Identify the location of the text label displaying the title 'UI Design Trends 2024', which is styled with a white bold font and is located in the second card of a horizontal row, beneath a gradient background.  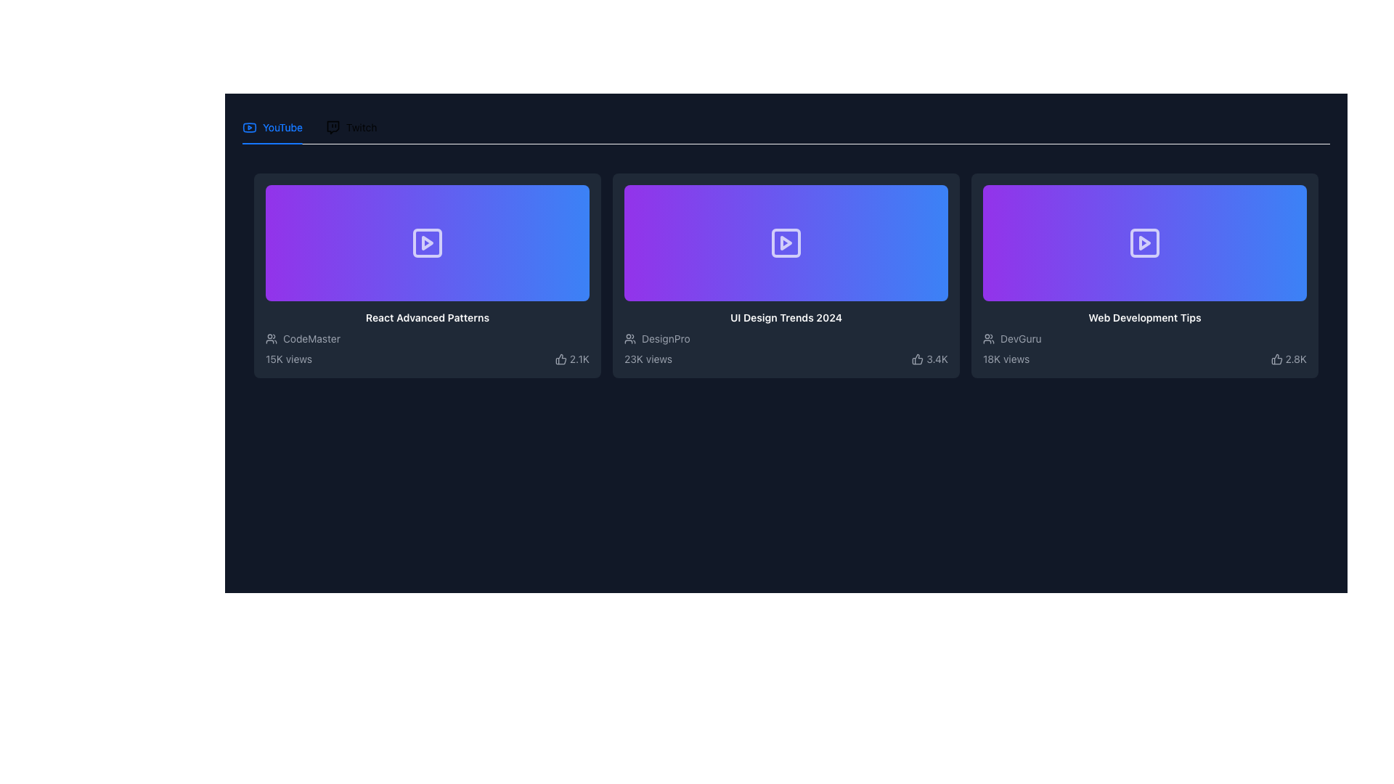
(786, 317).